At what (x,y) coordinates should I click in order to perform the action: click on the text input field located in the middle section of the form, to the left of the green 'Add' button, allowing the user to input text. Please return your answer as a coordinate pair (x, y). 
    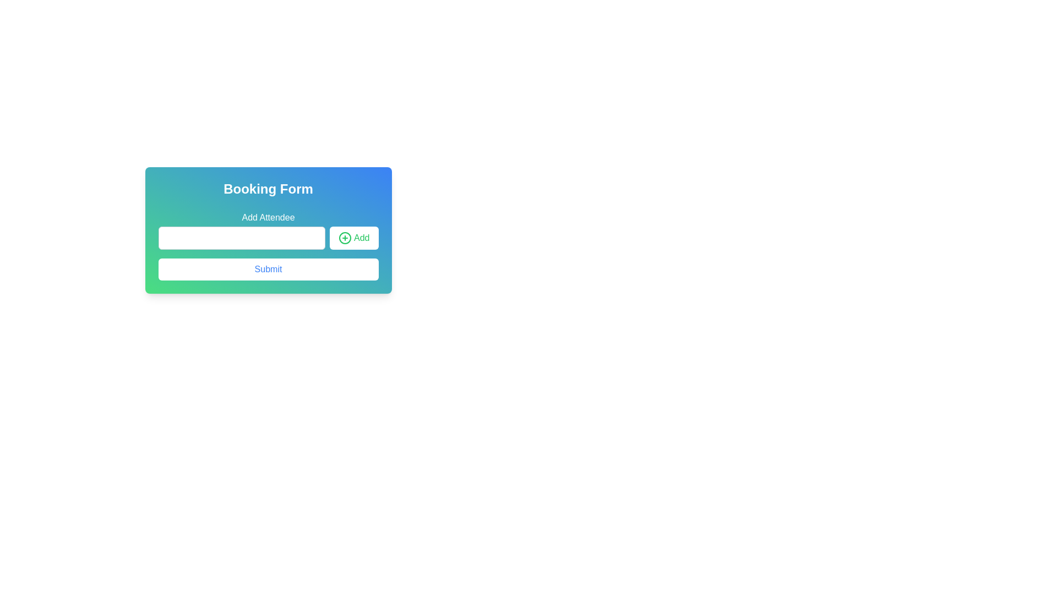
    Looking at the image, I should click on (241, 237).